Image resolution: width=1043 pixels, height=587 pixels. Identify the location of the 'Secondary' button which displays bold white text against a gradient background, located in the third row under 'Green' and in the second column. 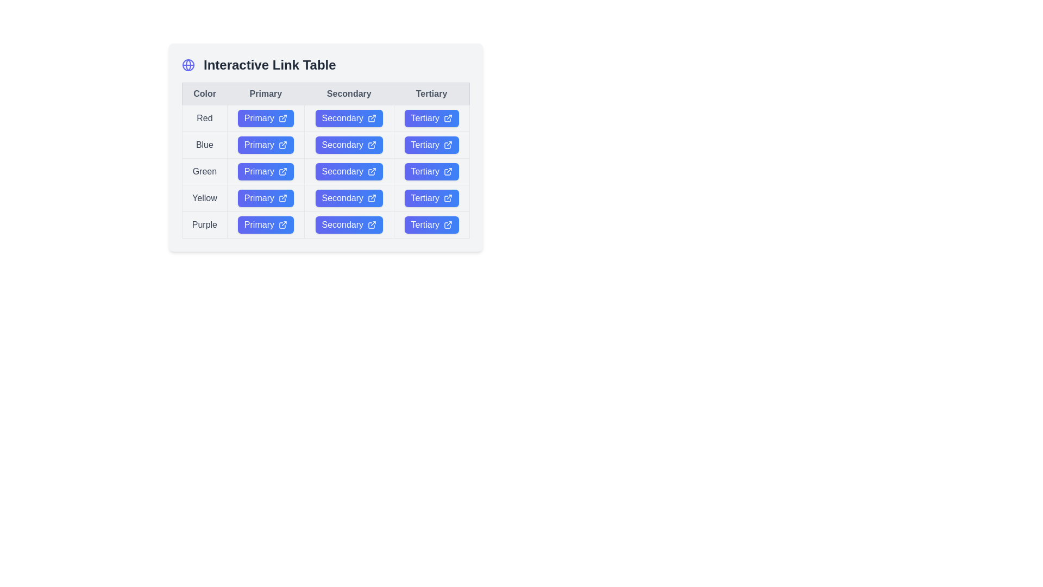
(342, 171).